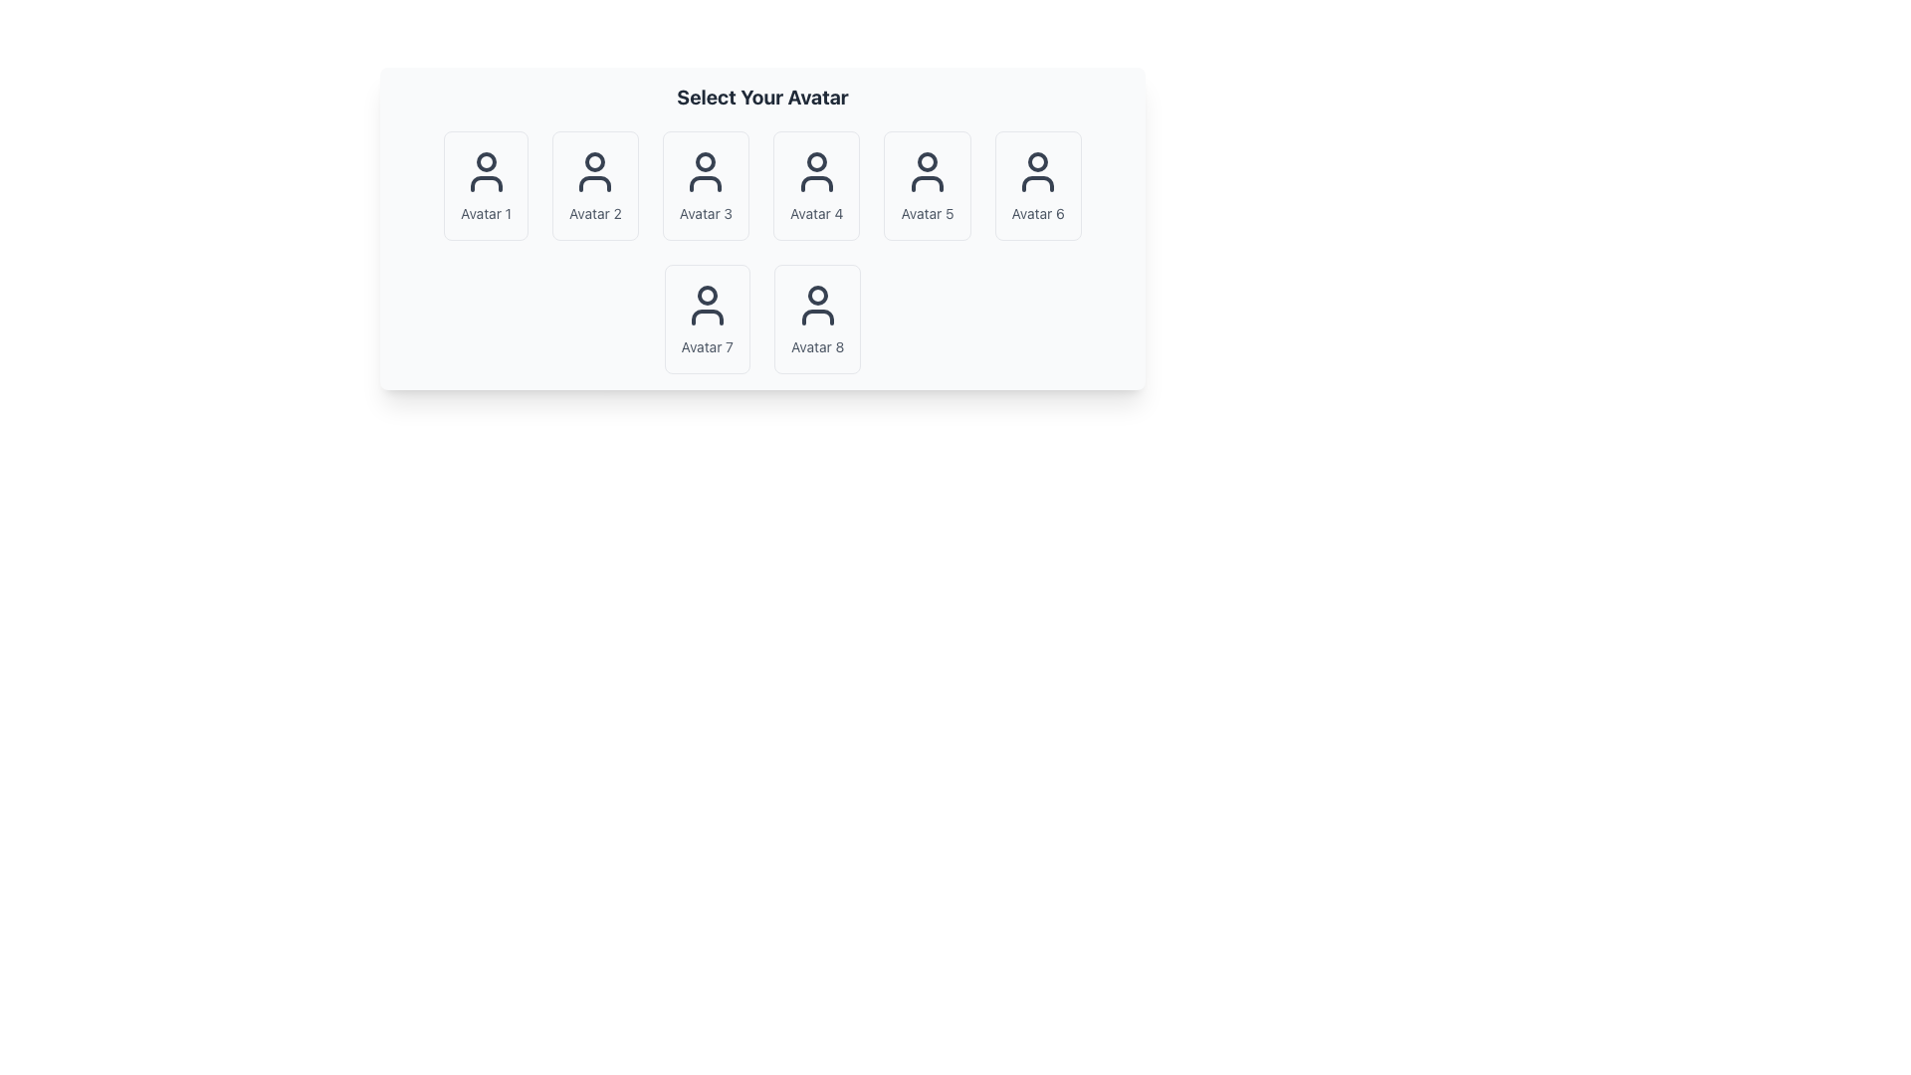 This screenshot has width=1911, height=1075. What do you see at coordinates (707, 306) in the screenshot?
I see `the SVG-based icon of a user silhouette representing 'Avatar 7'` at bounding box center [707, 306].